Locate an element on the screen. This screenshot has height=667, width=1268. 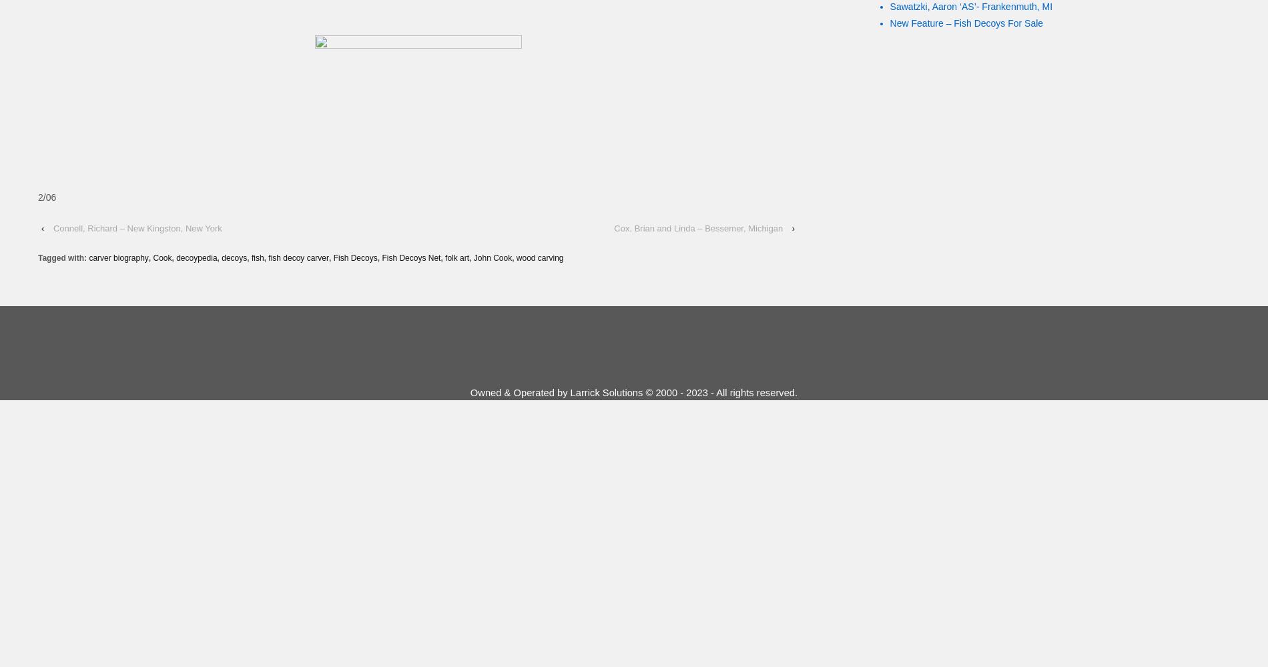
'Tagged with:' is located at coordinates (63, 258).